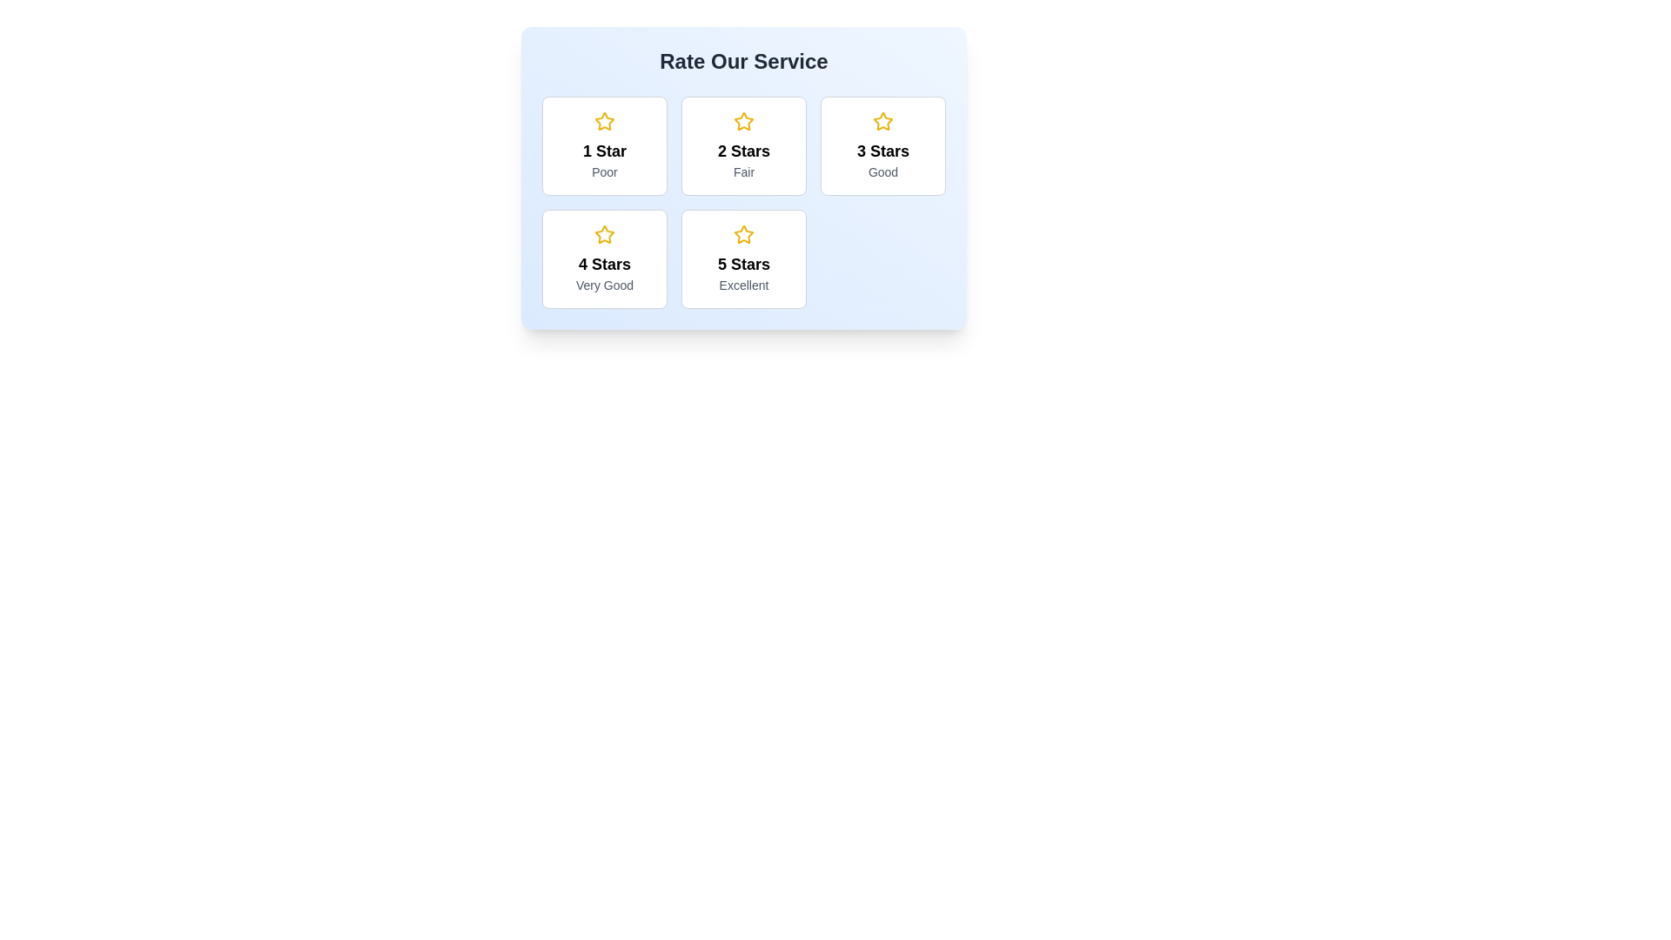 This screenshot has width=1671, height=940. What do you see at coordinates (743, 284) in the screenshot?
I see `the text label that provides the qualitative description 'Excellent' associated with the '5 Stars' rating, located below the '5 Stars' text and alongside the star icon` at bounding box center [743, 284].